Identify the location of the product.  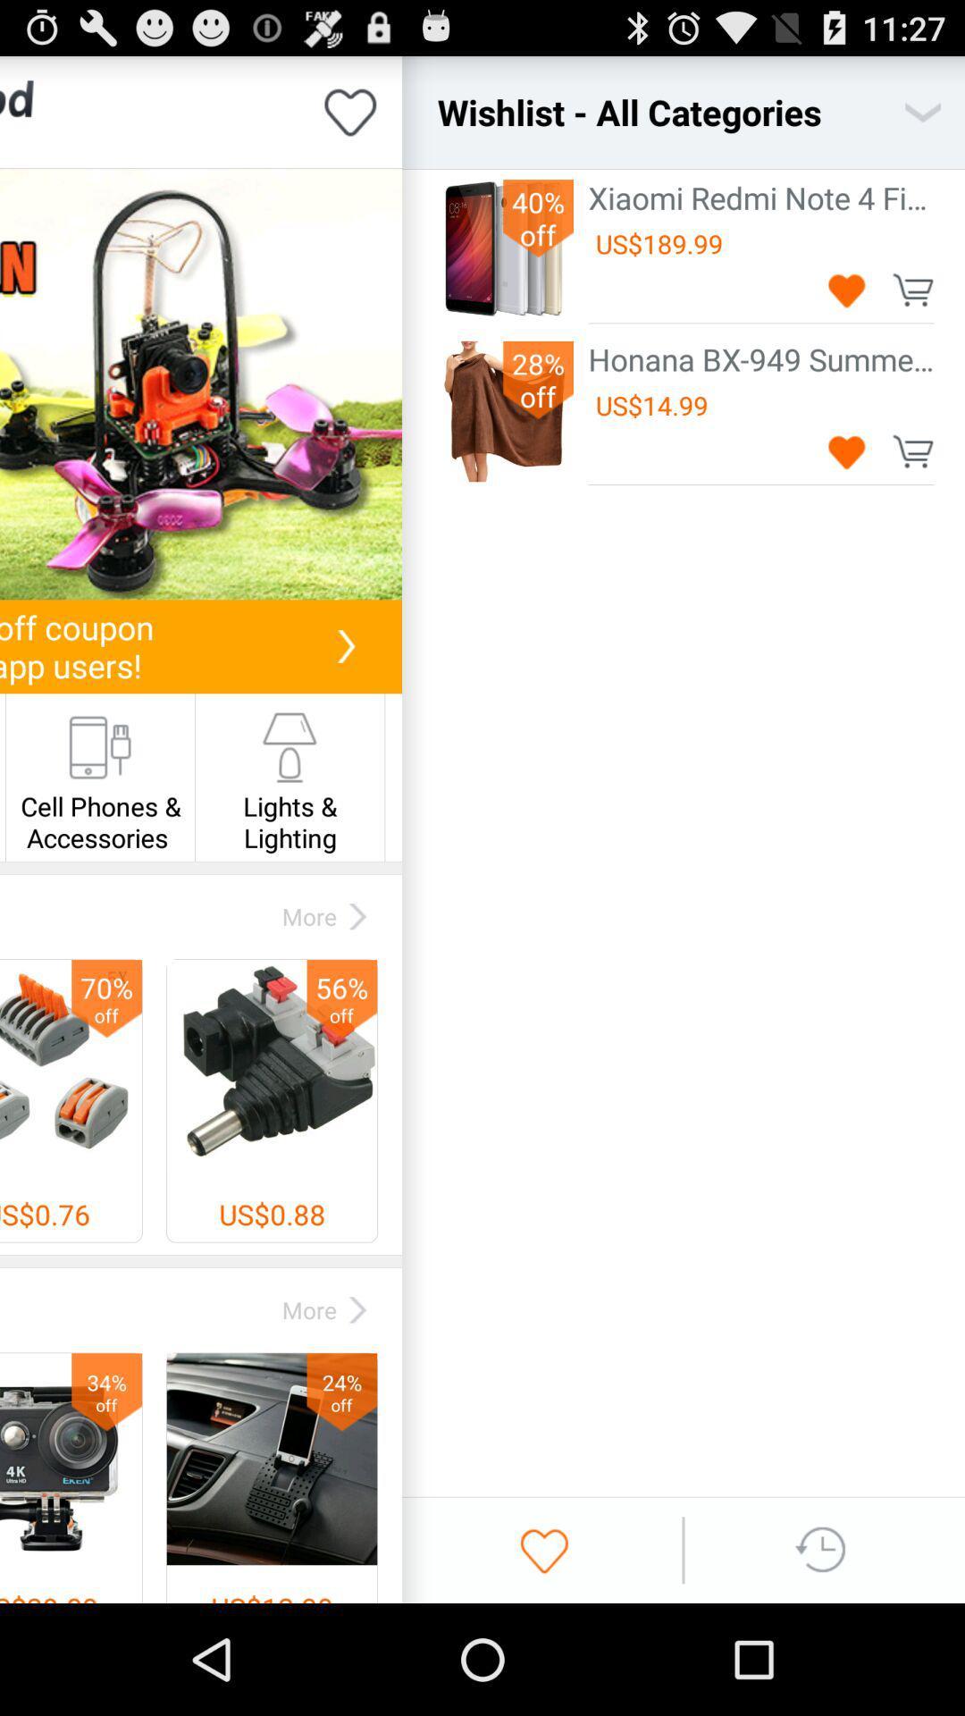
(846, 451).